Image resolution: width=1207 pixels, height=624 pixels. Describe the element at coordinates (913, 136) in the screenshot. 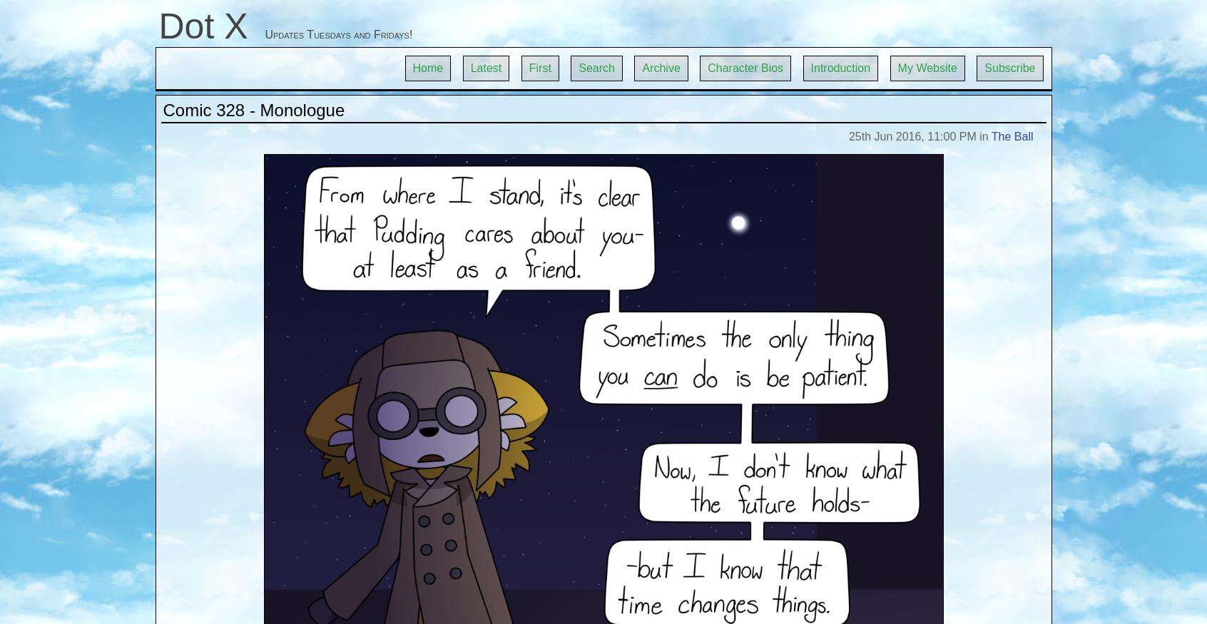

I see `'25th Jun 2016, 11:00 PM'` at that location.